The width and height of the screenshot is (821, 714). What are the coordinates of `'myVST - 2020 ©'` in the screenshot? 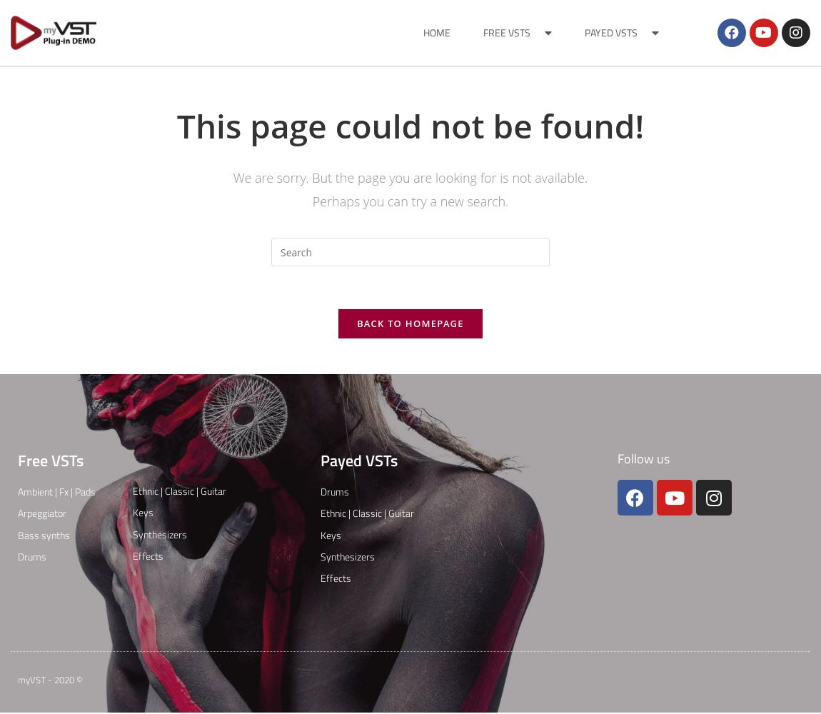 It's located at (49, 679).